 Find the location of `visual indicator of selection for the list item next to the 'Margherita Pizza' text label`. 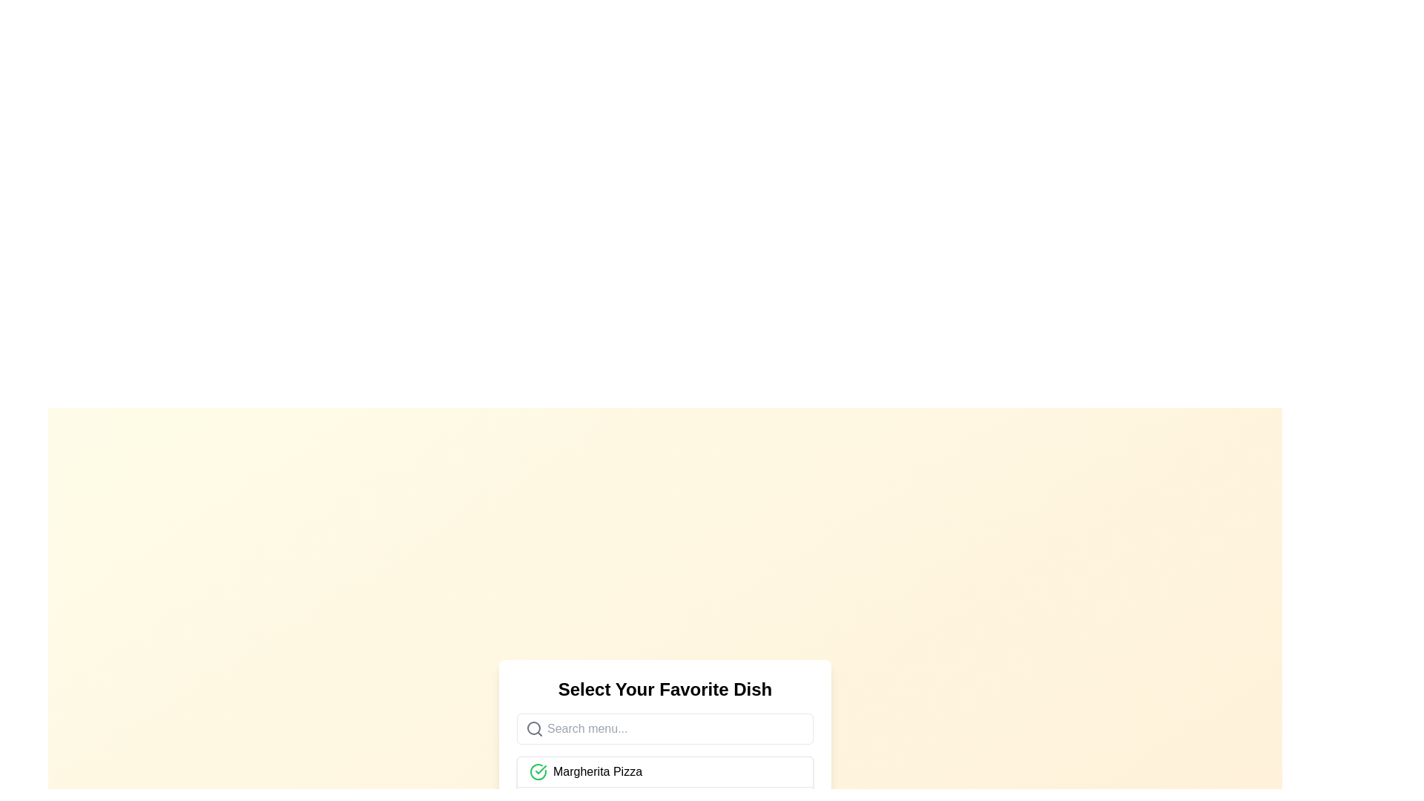

visual indicator of selection for the list item next to the 'Margherita Pizza' text label is located at coordinates (537, 771).